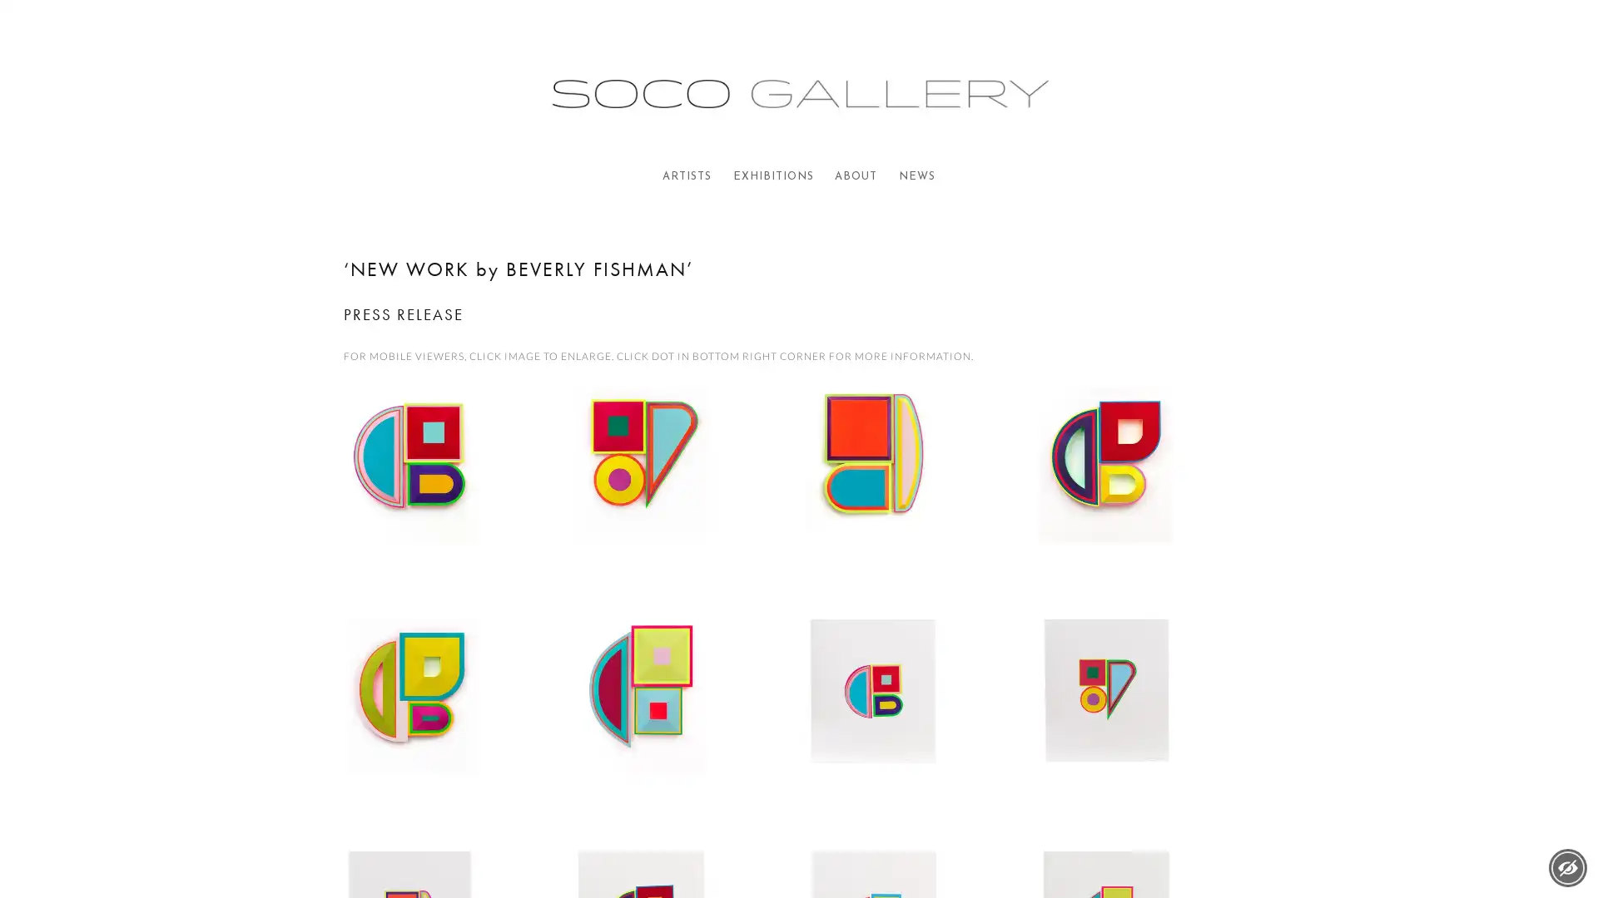 The image size is (1598, 898). Describe the element at coordinates (682, 493) in the screenshot. I see `View fullsize BEVERLY FISHMAN Untitled (Depression, Pain, Migraine), 2021 Urethane paint on wood 44 x 43 inches INQUIRE +` at that location.